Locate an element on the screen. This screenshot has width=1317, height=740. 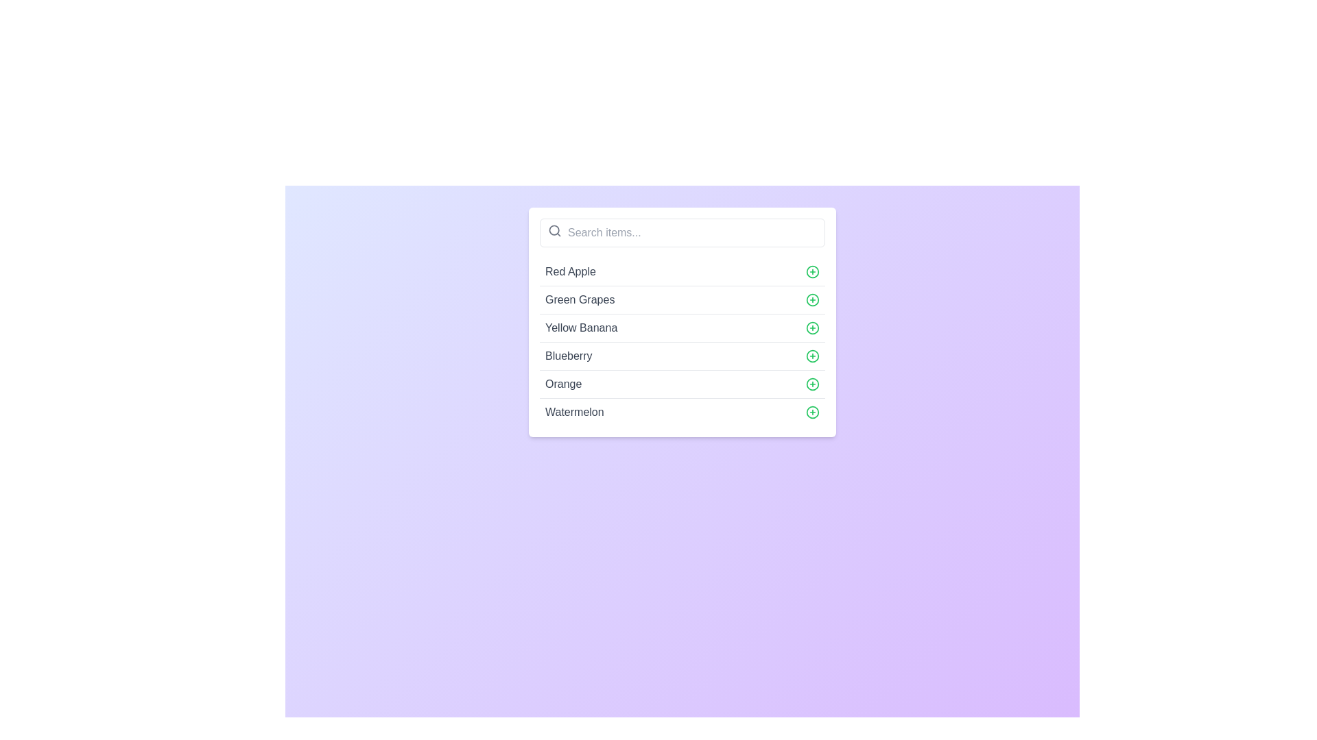
the list item with the text 'Blueberry' is located at coordinates (682, 355).